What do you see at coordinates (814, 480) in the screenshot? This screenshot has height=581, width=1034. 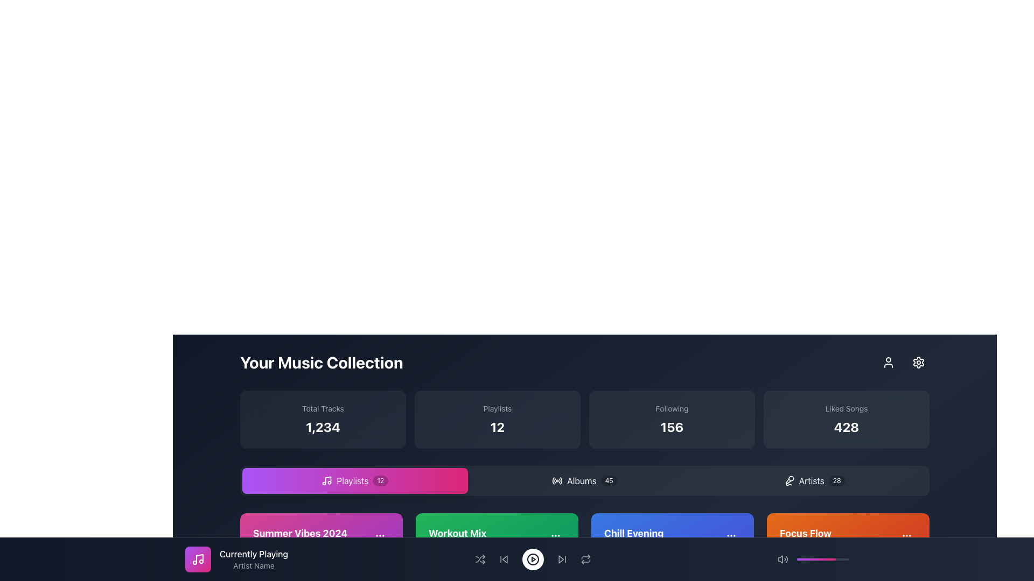 I see `the 'Artists' button, which has a dark background, lighter text, and a microphone icon with a count of '28' in a badge, located on the rightmost side under 'Your Music Collection'` at bounding box center [814, 480].